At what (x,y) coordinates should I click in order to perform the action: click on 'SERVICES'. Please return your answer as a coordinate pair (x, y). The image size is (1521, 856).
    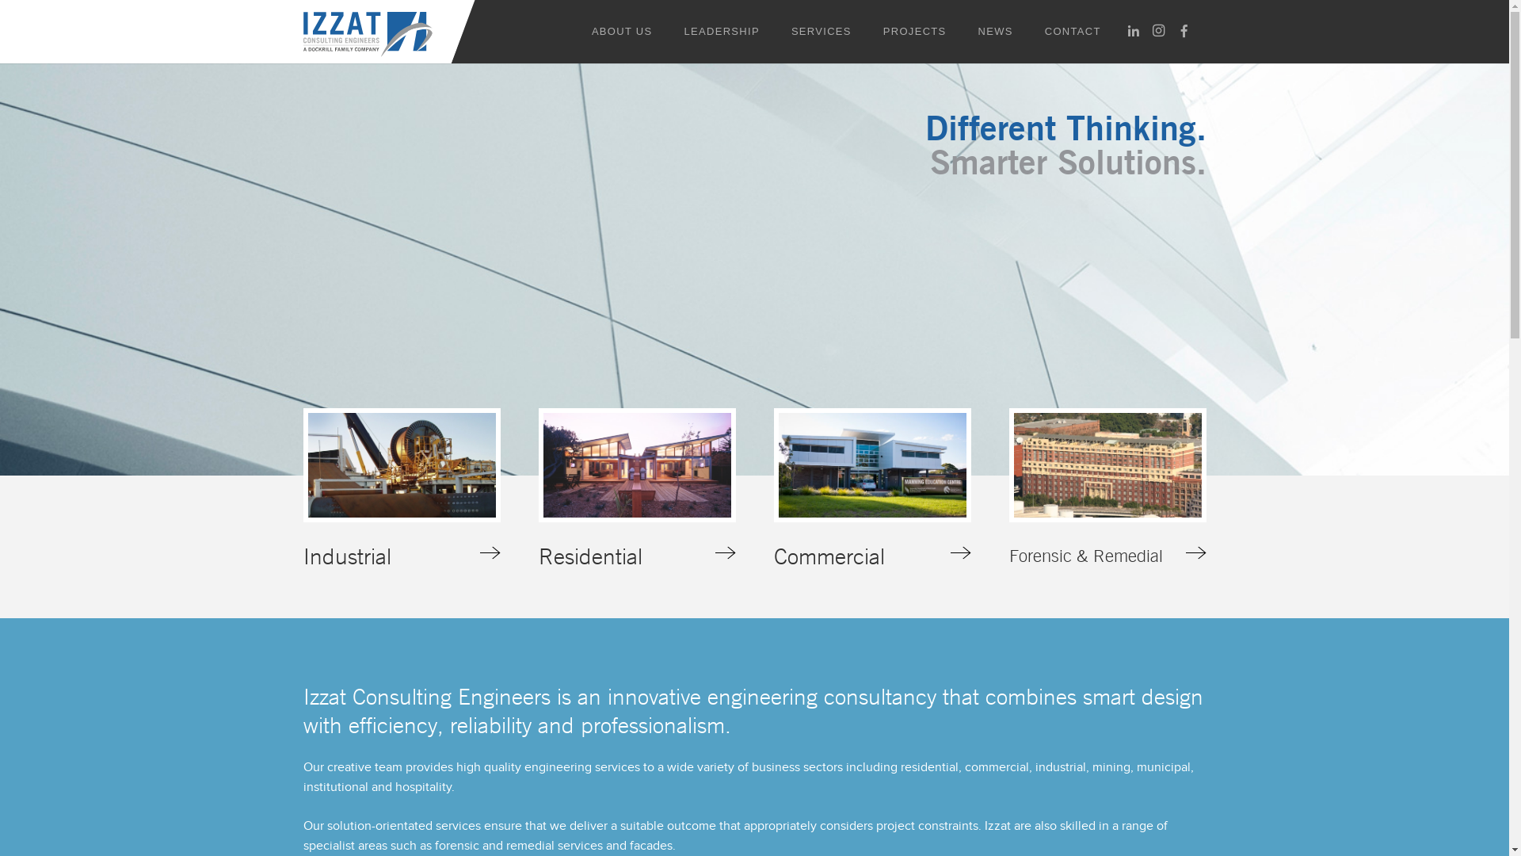
    Looking at the image, I should click on (821, 31).